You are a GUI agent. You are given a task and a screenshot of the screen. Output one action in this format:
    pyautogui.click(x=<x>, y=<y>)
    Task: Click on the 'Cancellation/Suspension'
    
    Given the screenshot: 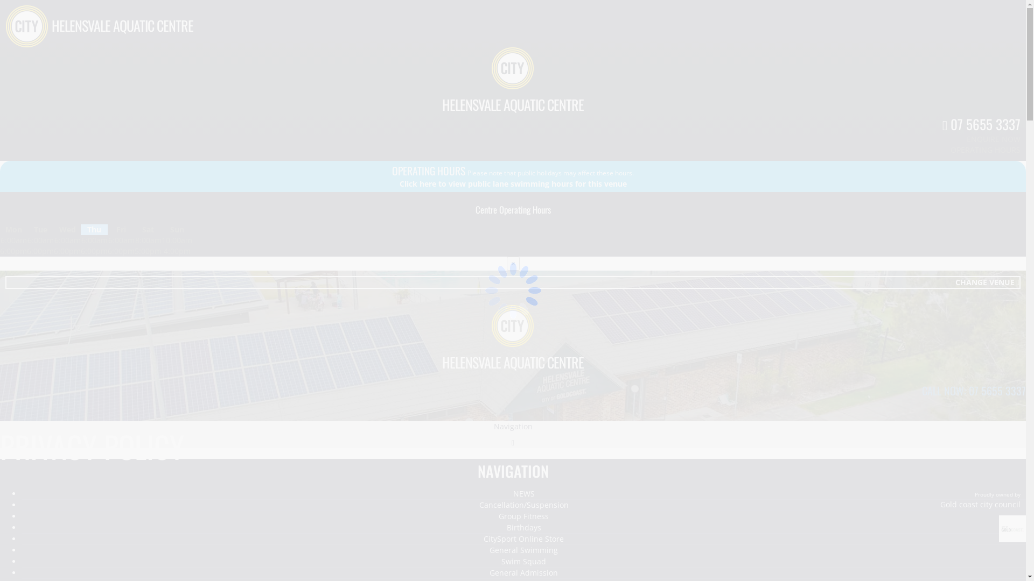 What is the action you would take?
    pyautogui.click(x=524, y=505)
    